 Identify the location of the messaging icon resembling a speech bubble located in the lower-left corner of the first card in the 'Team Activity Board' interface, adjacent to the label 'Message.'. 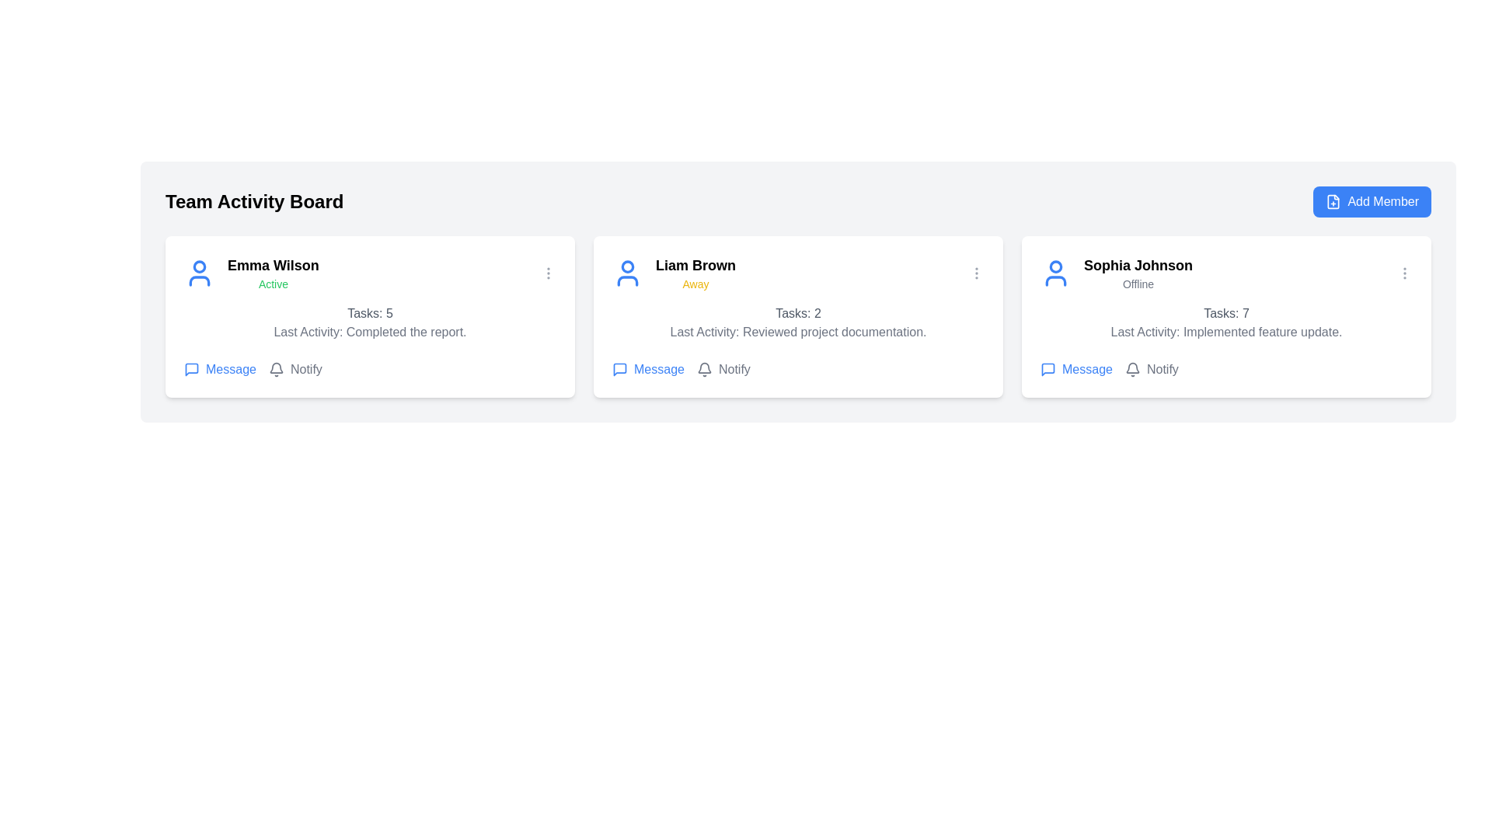
(190, 369).